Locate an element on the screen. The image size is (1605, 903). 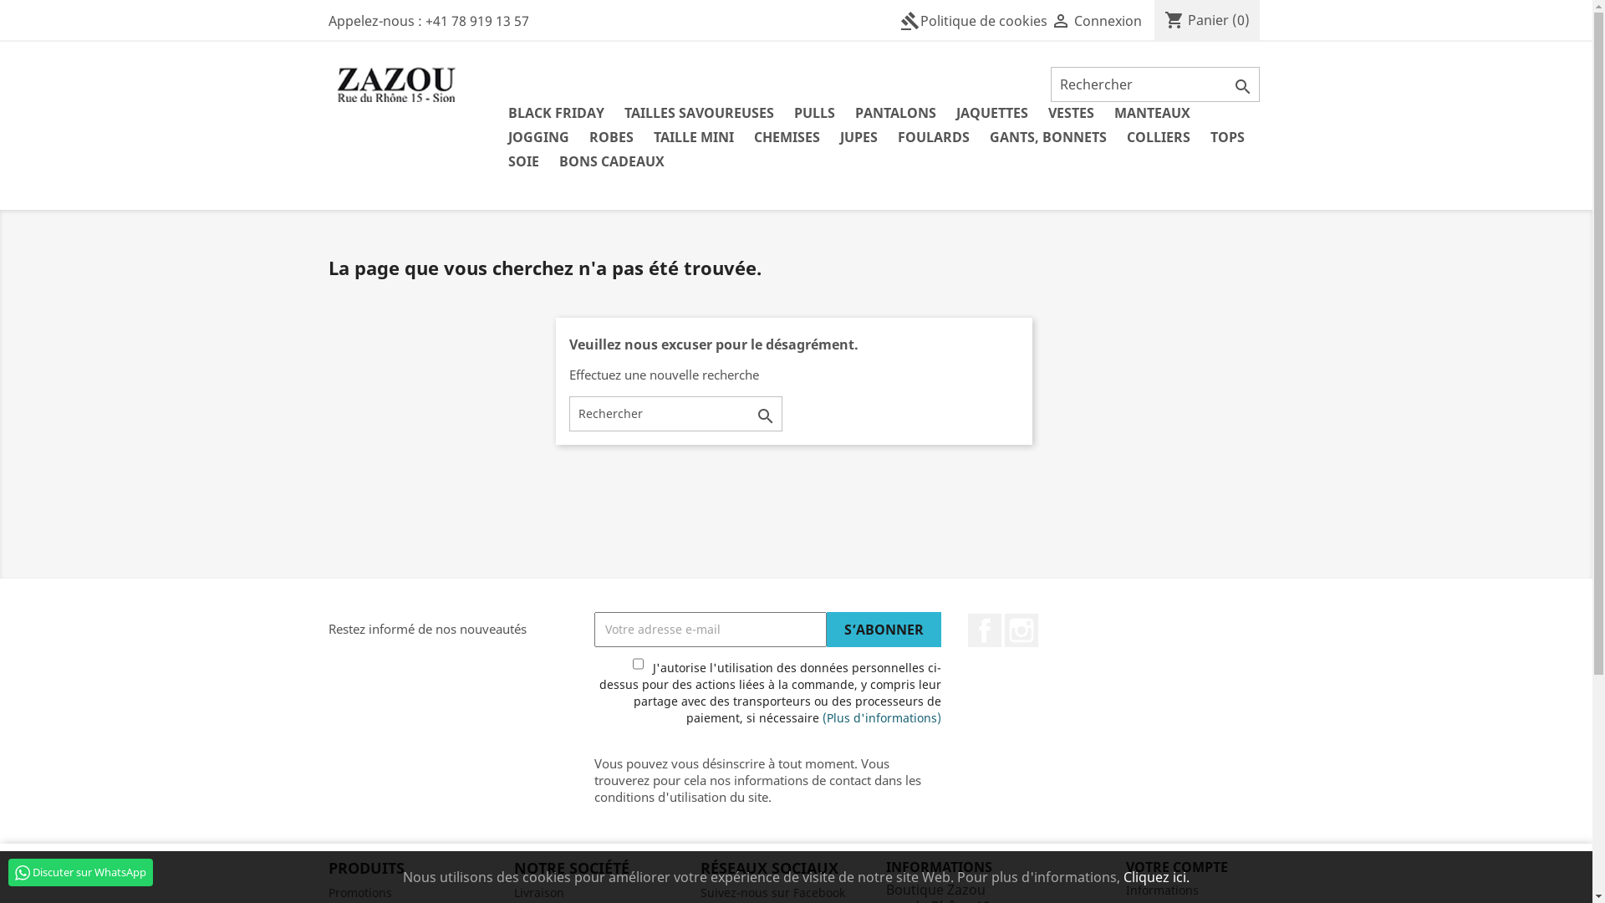
'Instagram' is located at coordinates (1003, 630).